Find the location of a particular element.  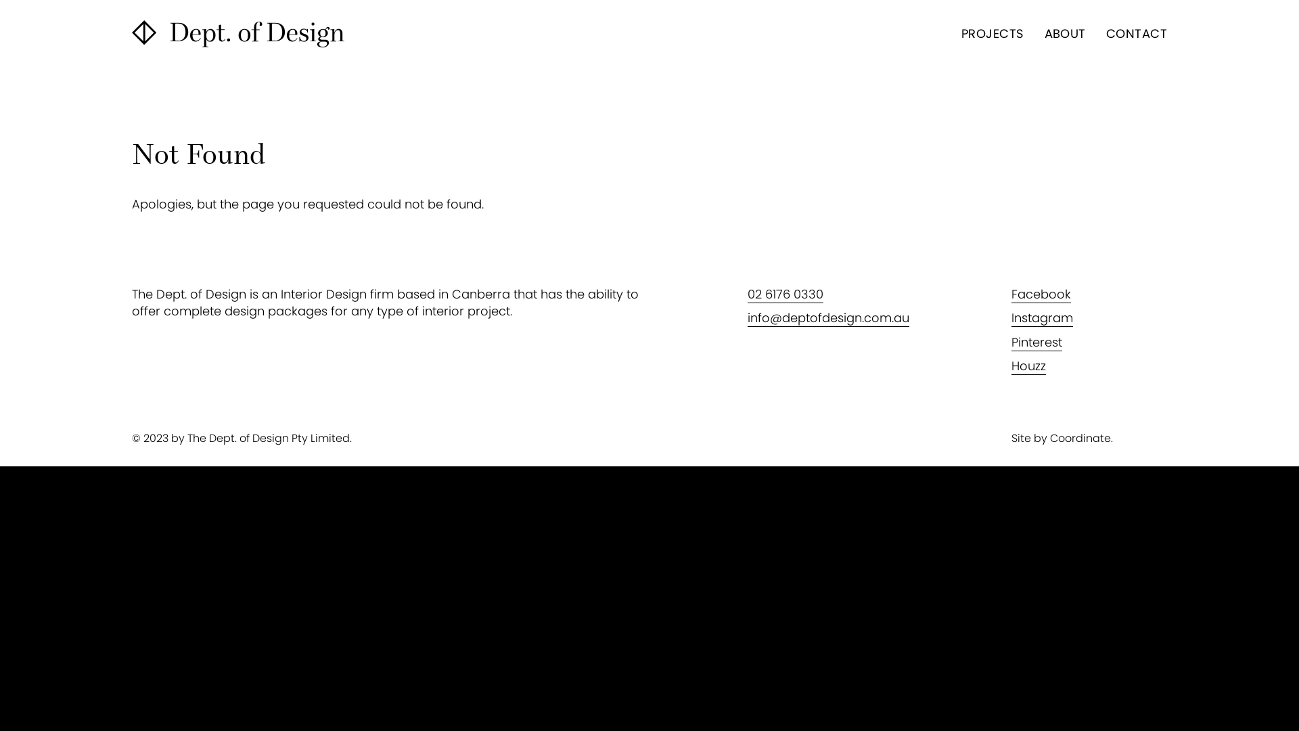

'CONTACT' is located at coordinates (1137, 33).